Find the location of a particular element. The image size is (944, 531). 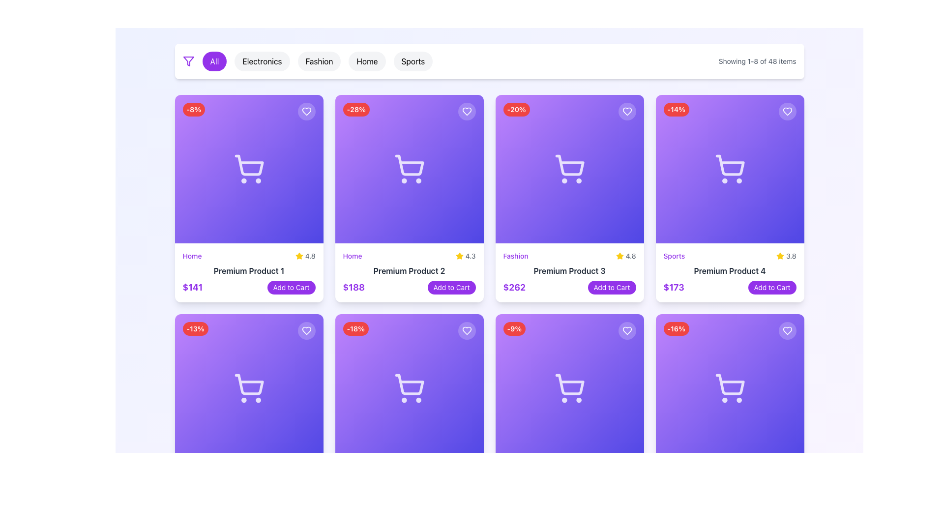

the small circular button with a white heart icon located at the top-right corner of the card for 'Premium Product 3' to observe the opacity change is located at coordinates (626, 111).